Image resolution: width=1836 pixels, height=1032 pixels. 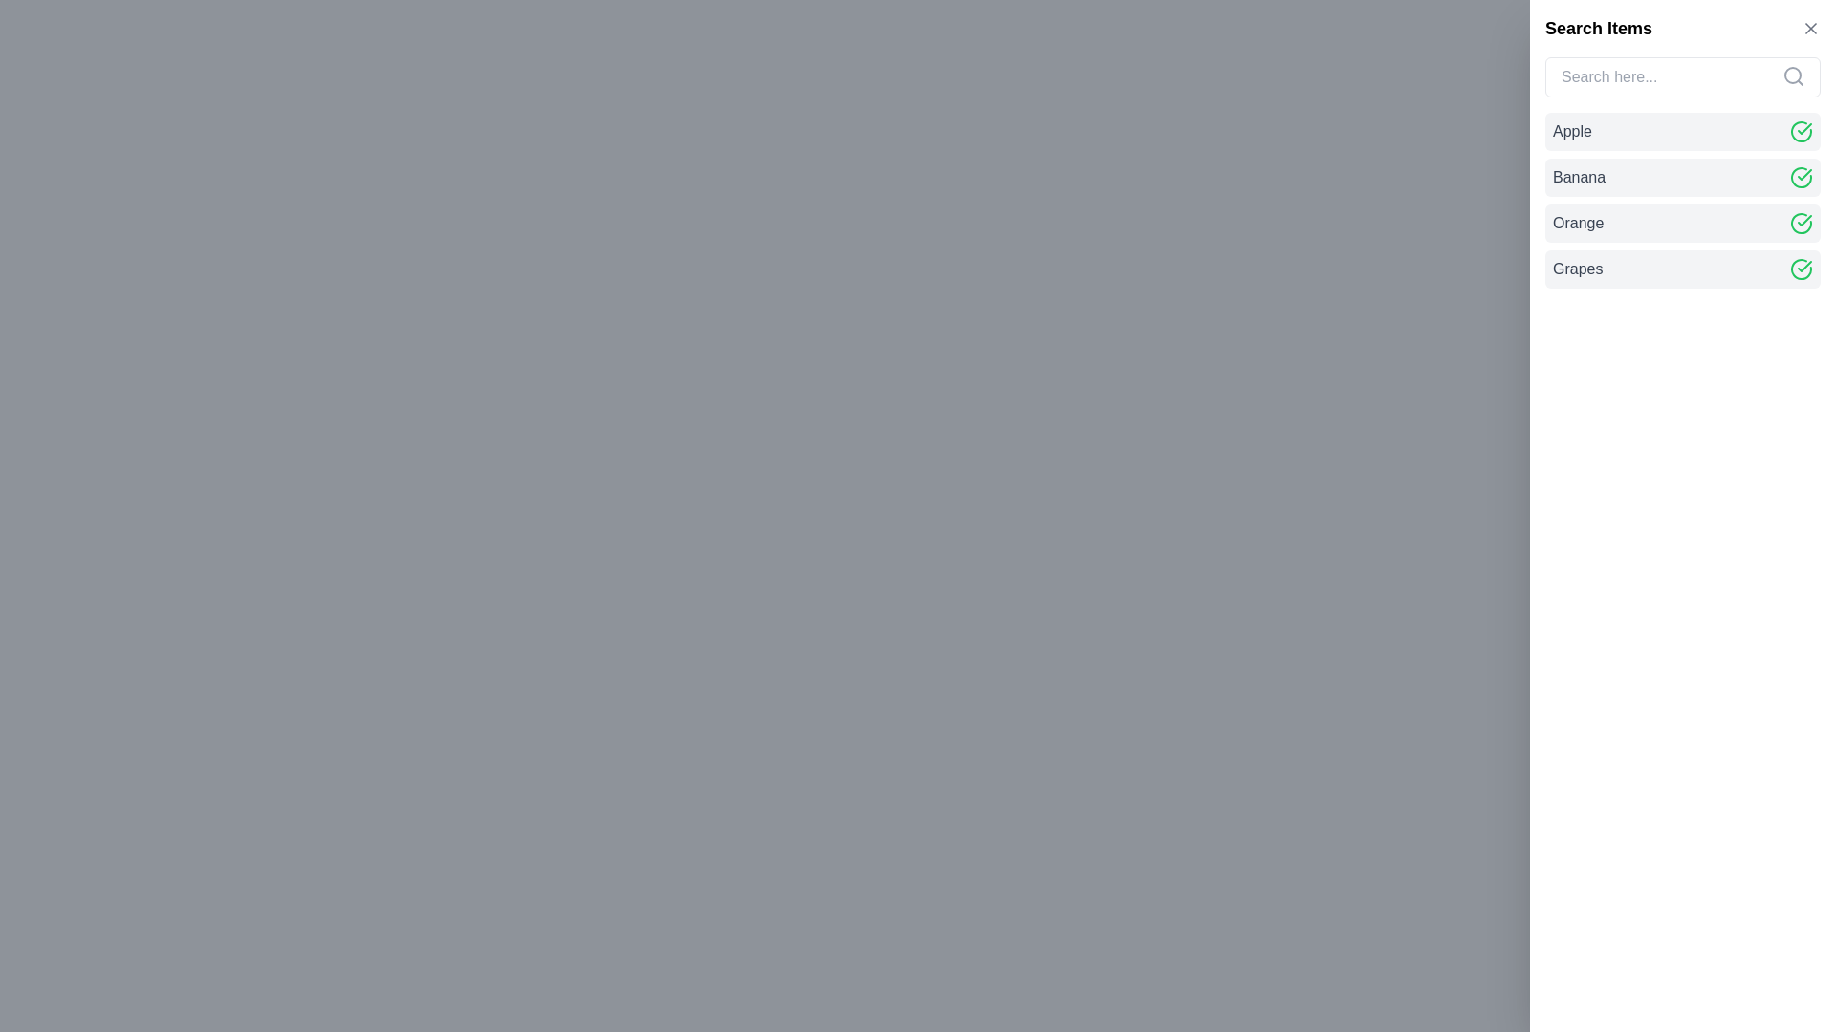 I want to click on the visual indicator icon for the item labeled 'Orange', located in the third row of the list and in the rightmost column, so click(x=1800, y=223).